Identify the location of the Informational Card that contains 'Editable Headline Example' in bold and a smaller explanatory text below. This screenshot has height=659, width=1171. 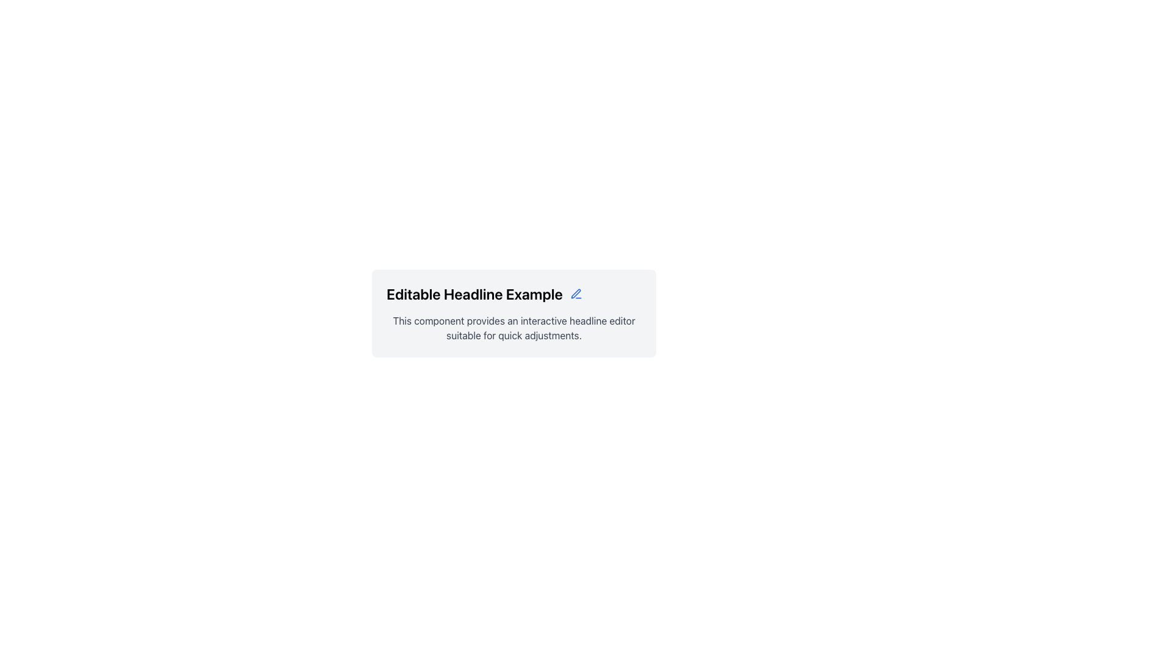
(514, 312).